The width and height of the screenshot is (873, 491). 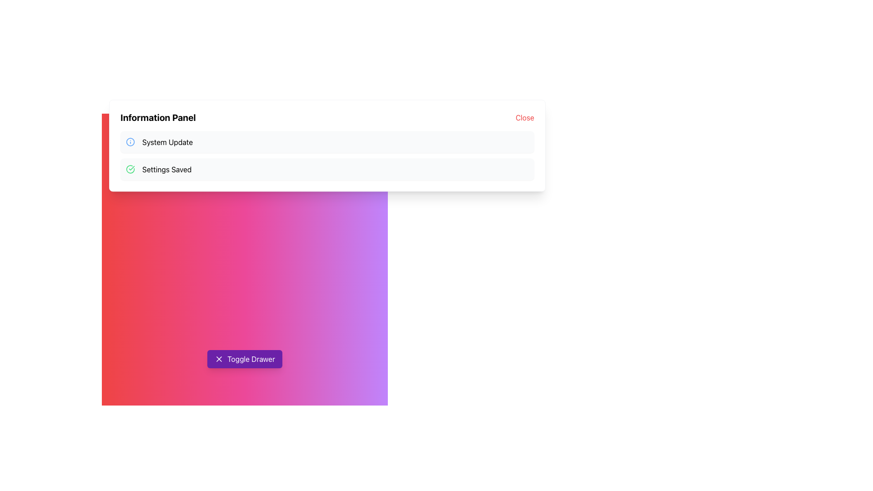 I want to click on the circular icon with a blue border and hollow center located next to the 'System Update' entry in the Information Panel, so click(x=130, y=142).